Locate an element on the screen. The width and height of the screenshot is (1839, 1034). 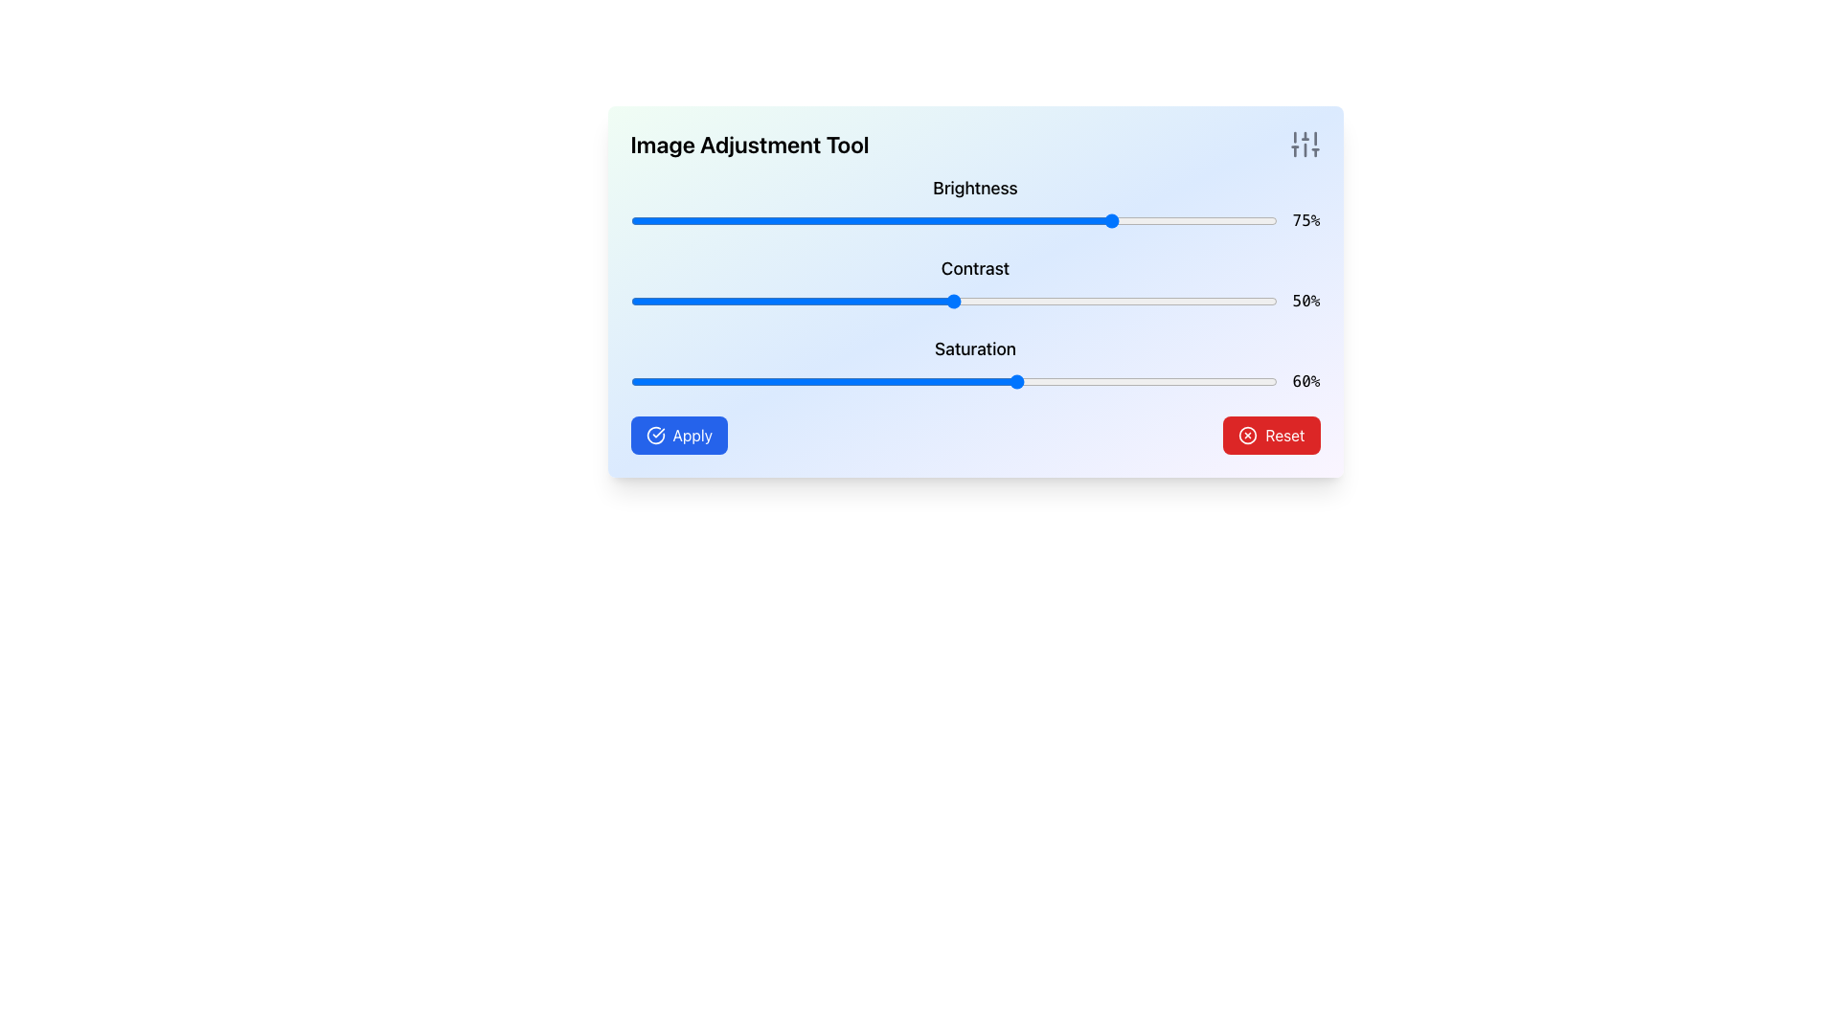
the circular outline icon with a checkmark, located to the left of the 'Apply' button in the bottom-left section of the interface is located at coordinates (655, 436).